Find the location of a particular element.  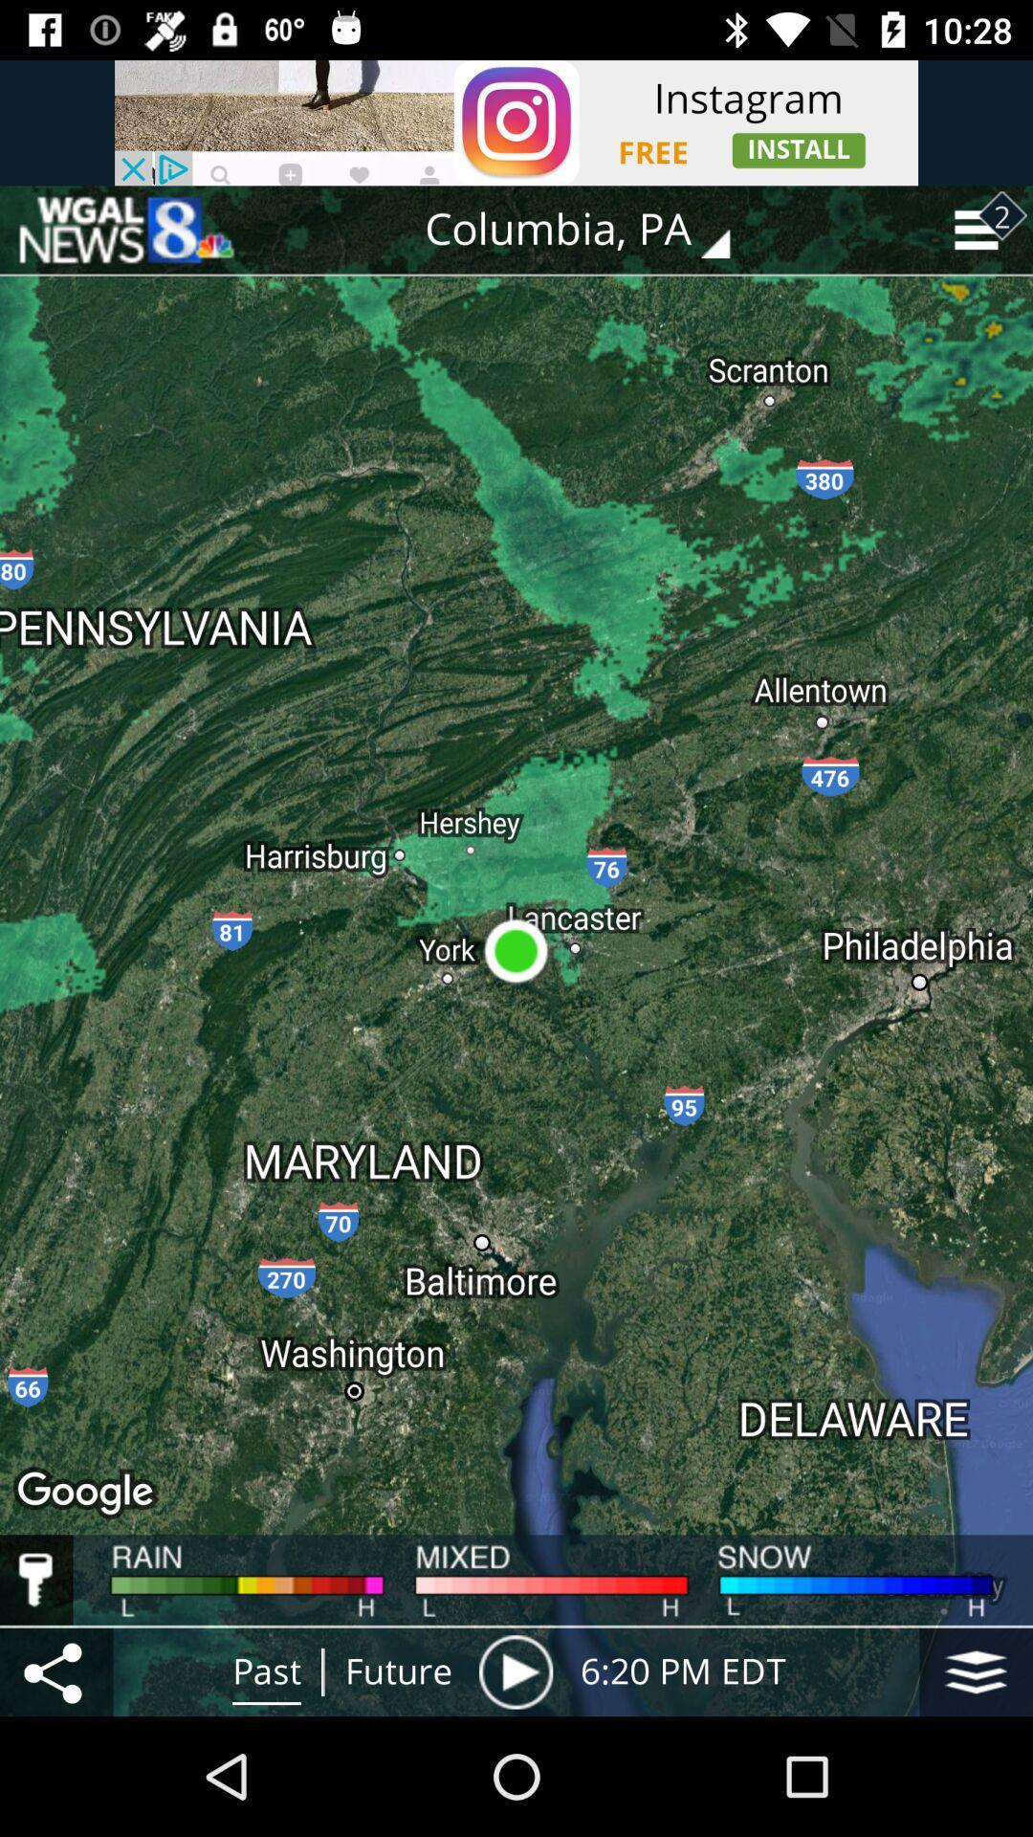

this page was advetisment is located at coordinates (125, 230).